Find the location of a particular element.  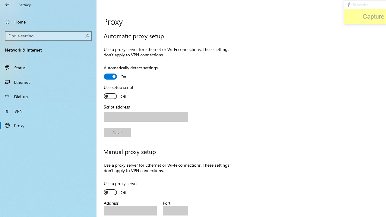

'Search box, Find a setting' is located at coordinates (48, 36).